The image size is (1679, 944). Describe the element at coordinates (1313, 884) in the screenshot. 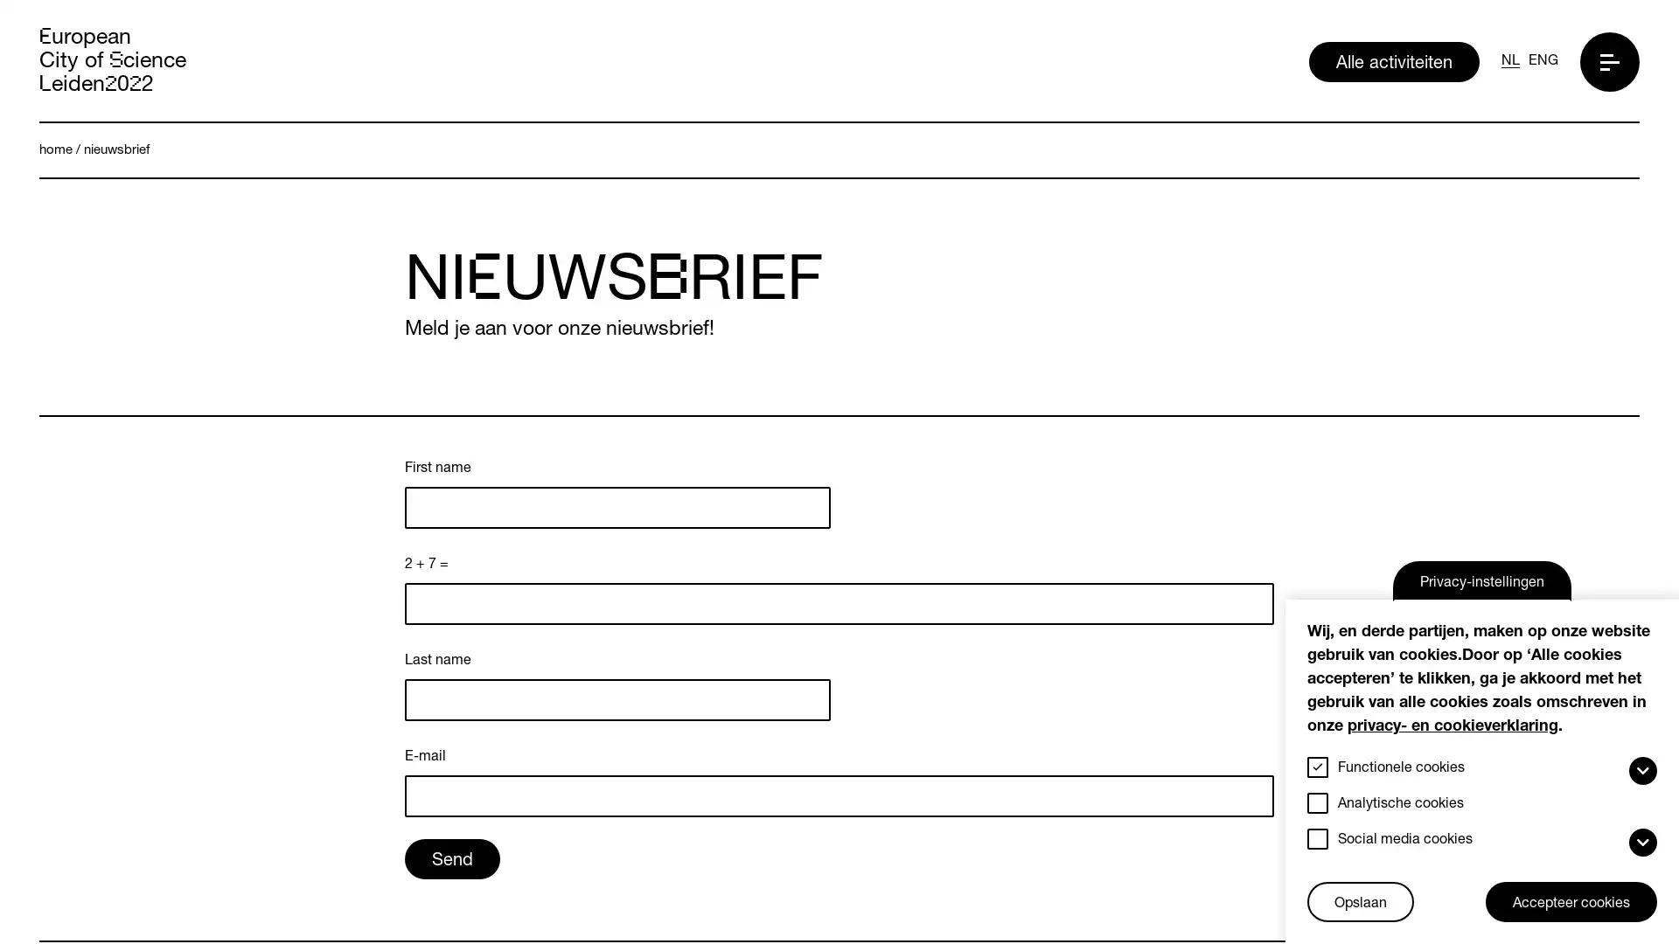

I see `Weiger cookies` at that location.